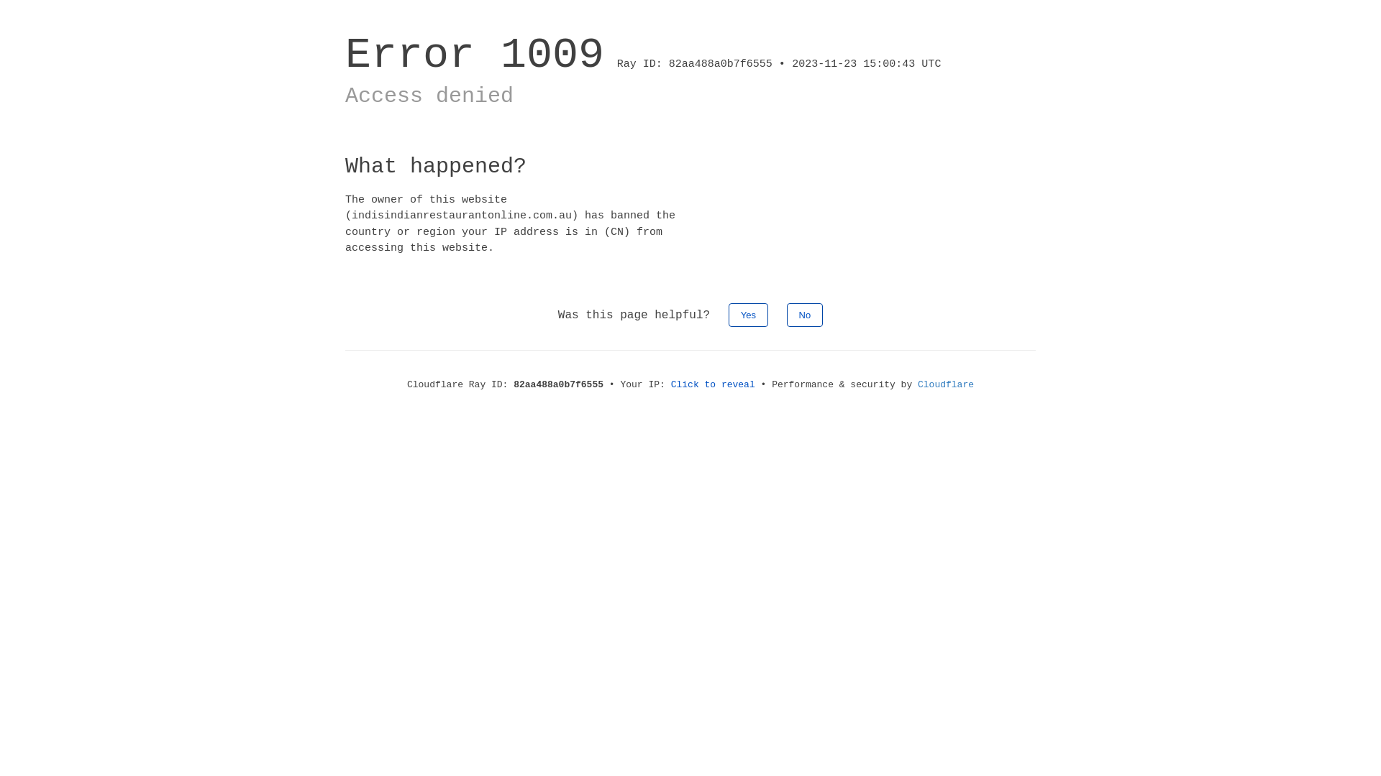  Describe the element at coordinates (946, 384) in the screenshot. I see `'Cloudflare'` at that location.